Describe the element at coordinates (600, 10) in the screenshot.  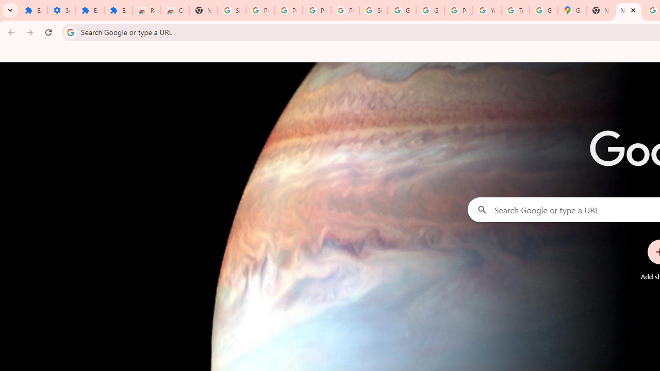
I see `'New Tab'` at that location.